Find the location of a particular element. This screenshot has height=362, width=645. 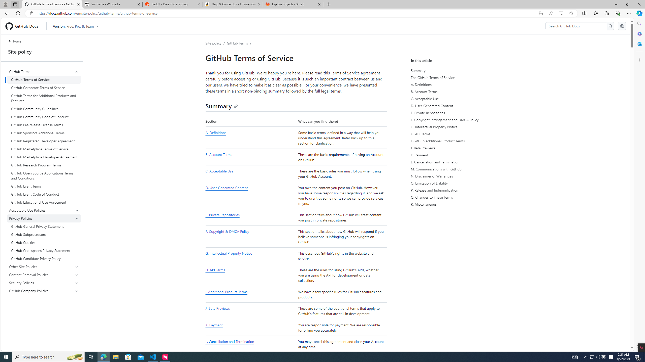

'GitHub Terms of Service - GitHub Docs' is located at coordinates (52, 4).